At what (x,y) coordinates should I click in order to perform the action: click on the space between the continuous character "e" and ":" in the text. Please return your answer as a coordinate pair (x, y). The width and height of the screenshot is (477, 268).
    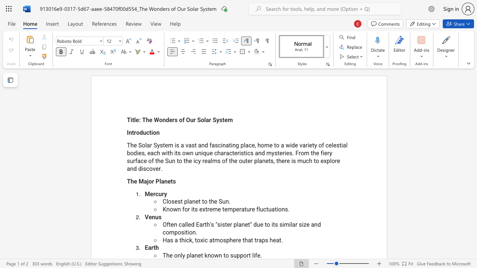
    Looking at the image, I should click on (138, 119).